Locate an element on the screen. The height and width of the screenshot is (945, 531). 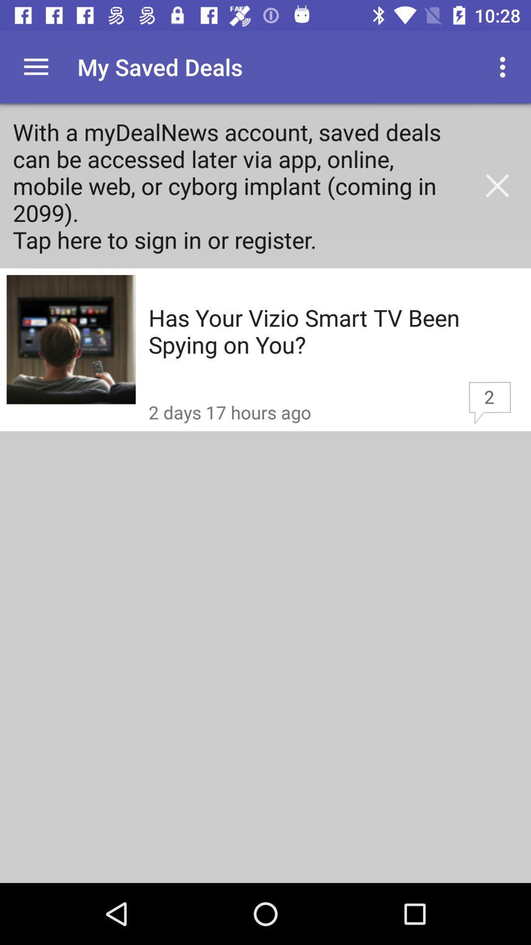
close is located at coordinates (497, 186).